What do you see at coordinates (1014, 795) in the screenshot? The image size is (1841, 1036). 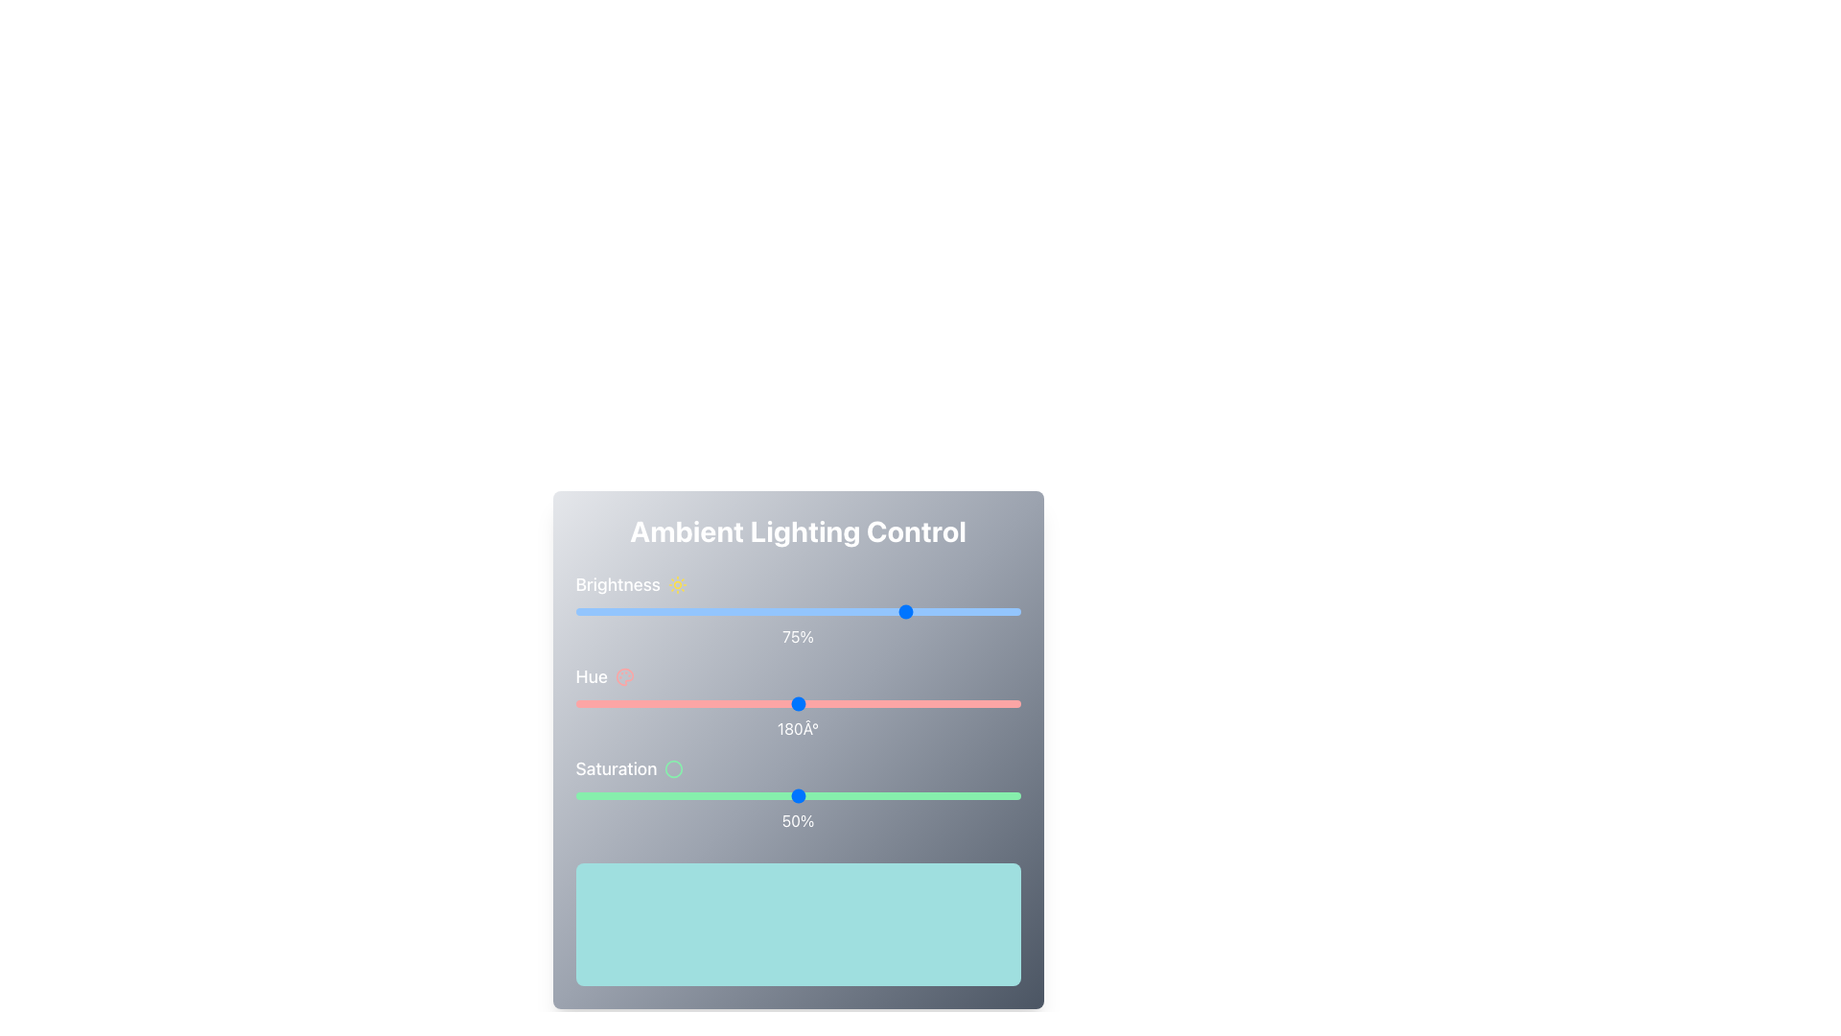 I see `saturation` at bounding box center [1014, 795].